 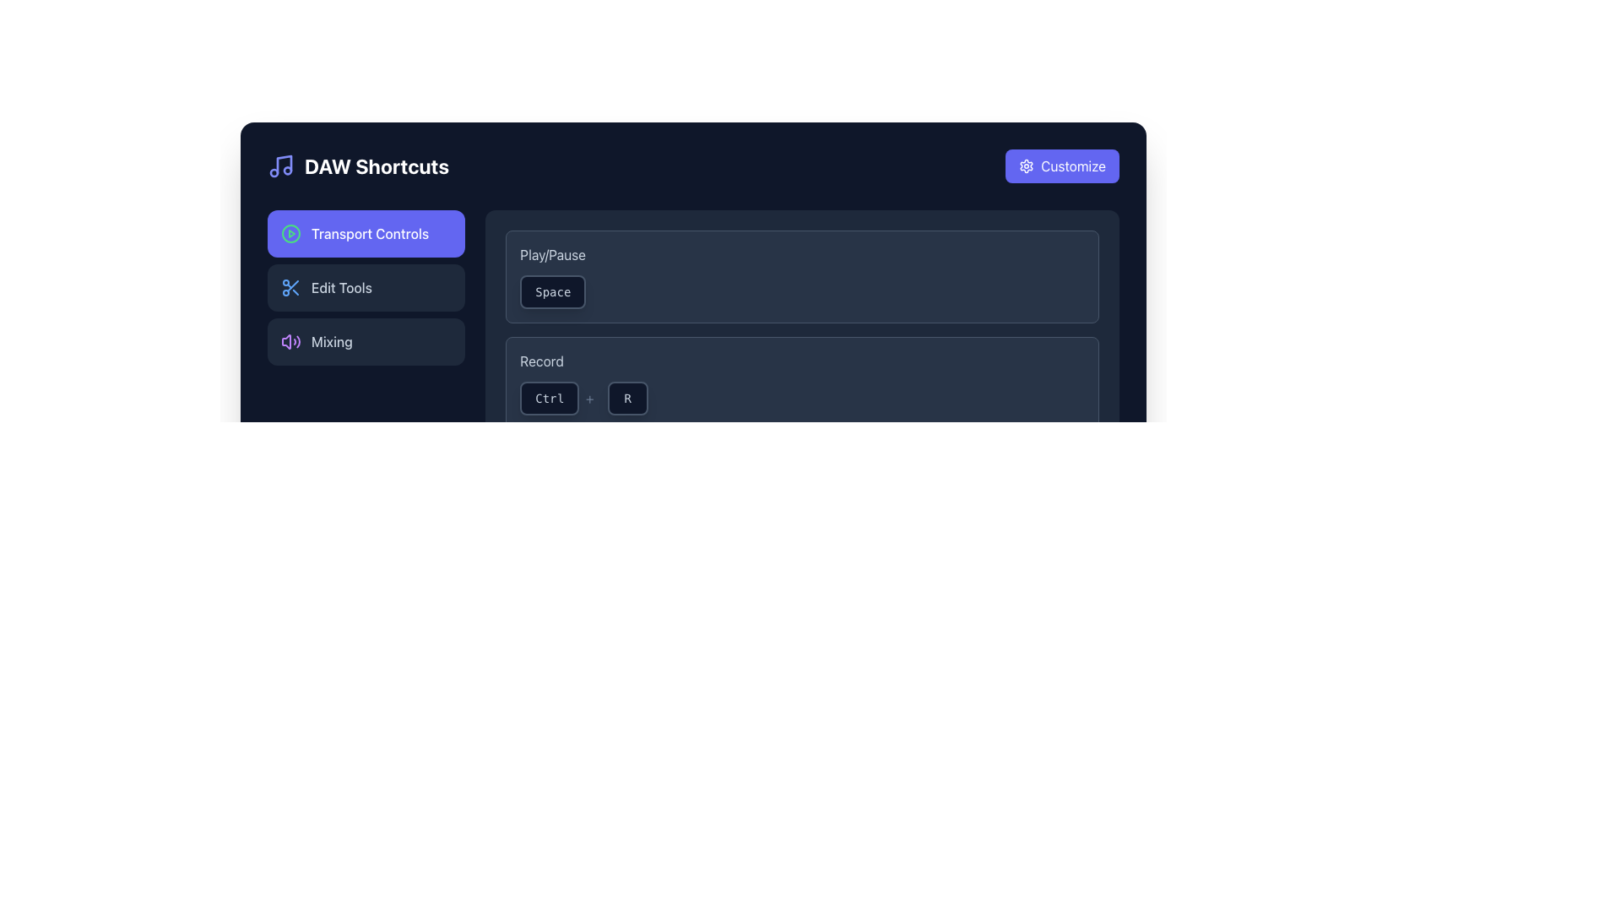 I want to click on the 'Record' text label, which indicates the action associated with a keyboard shortcut or function, located in the right-side section of the interface, so click(x=542, y=361).